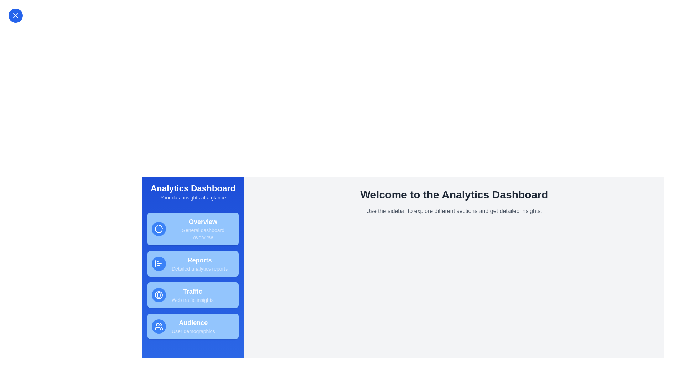  Describe the element at coordinates (193, 263) in the screenshot. I see `the navigation item labeled Reports` at that location.